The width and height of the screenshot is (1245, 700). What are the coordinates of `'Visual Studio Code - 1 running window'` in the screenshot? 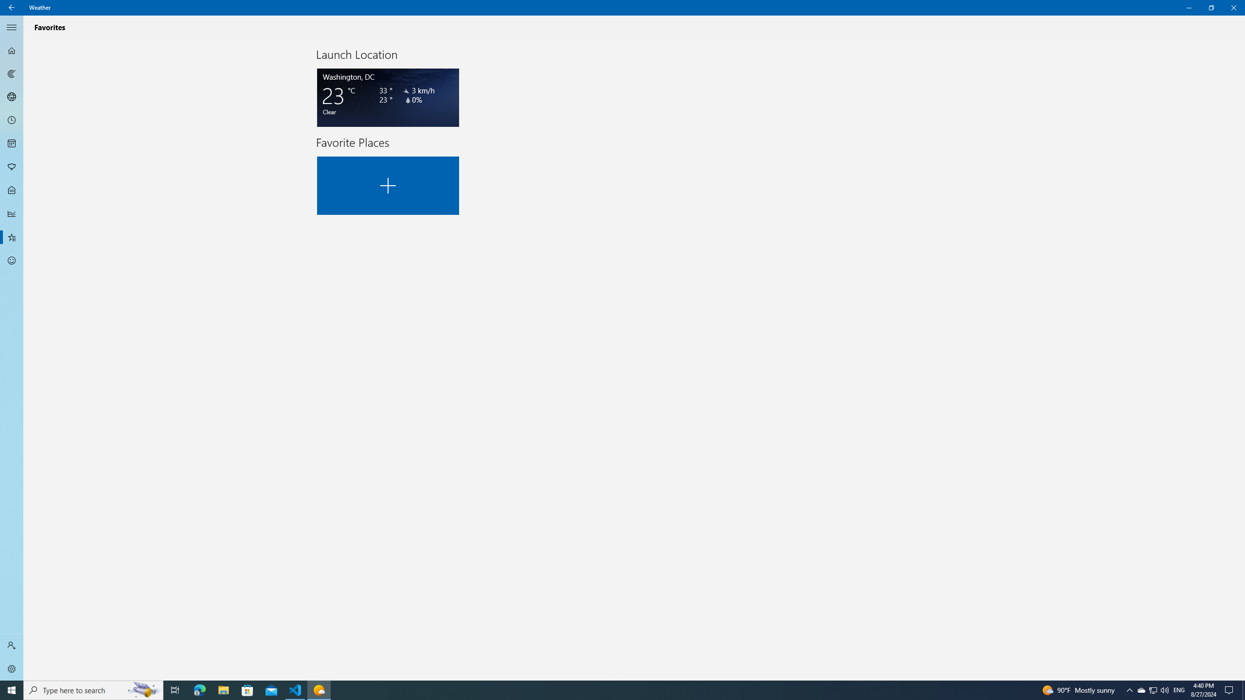 It's located at (295, 689).